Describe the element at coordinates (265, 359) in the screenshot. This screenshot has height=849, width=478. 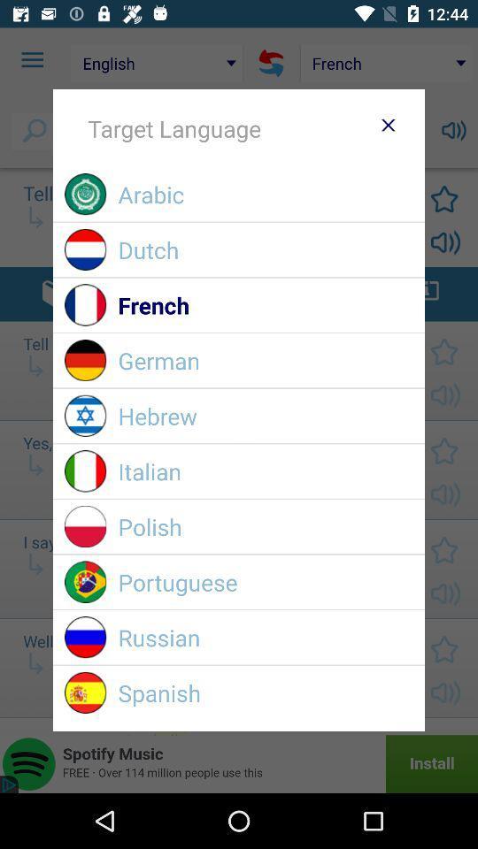
I see `german item` at that location.